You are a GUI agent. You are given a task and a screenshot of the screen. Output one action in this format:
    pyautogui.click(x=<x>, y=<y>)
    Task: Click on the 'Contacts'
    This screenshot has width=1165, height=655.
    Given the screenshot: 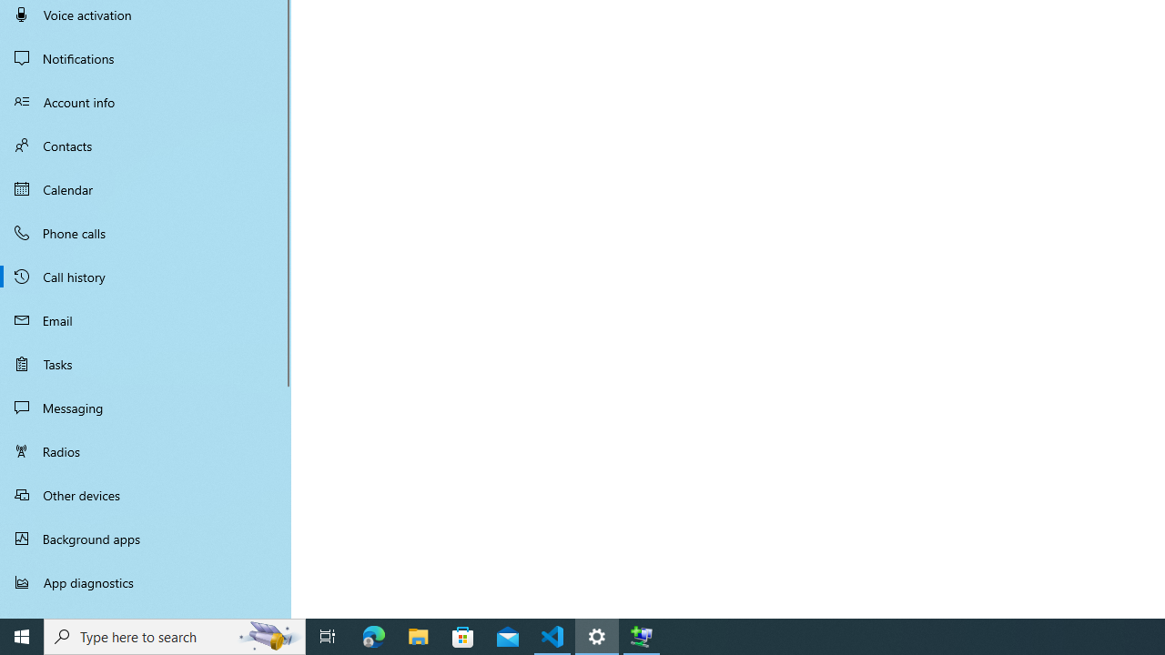 What is the action you would take?
    pyautogui.click(x=146, y=145)
    